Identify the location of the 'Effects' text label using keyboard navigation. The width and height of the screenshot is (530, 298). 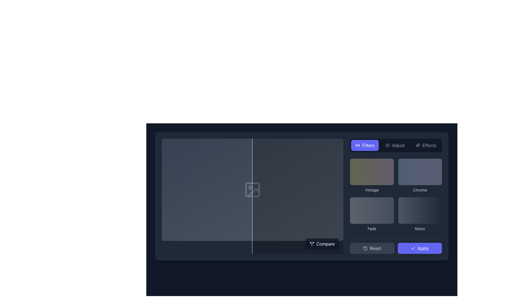
(429, 145).